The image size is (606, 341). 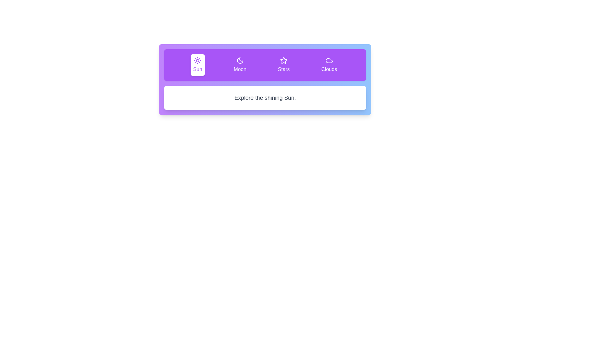 I want to click on text of the label that is centrally aligned beneath the sun icon, which provides context to the user about the sun icon, so click(x=197, y=69).